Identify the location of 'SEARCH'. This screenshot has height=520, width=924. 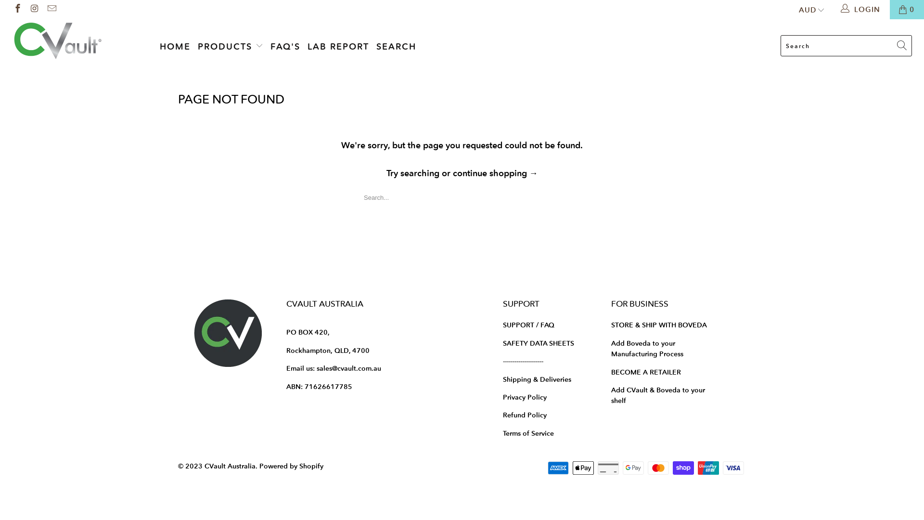
(396, 46).